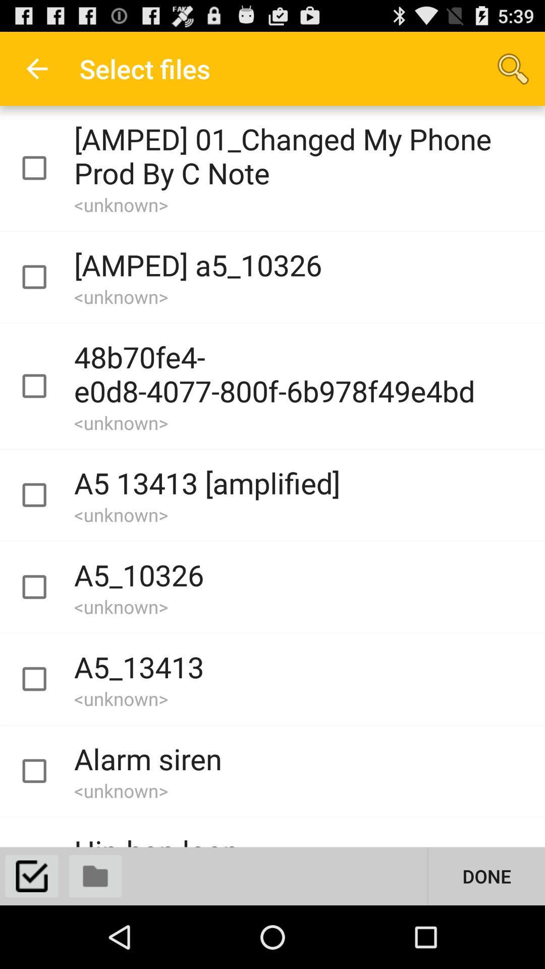  What do you see at coordinates (43, 679) in the screenshot?
I see `file` at bounding box center [43, 679].